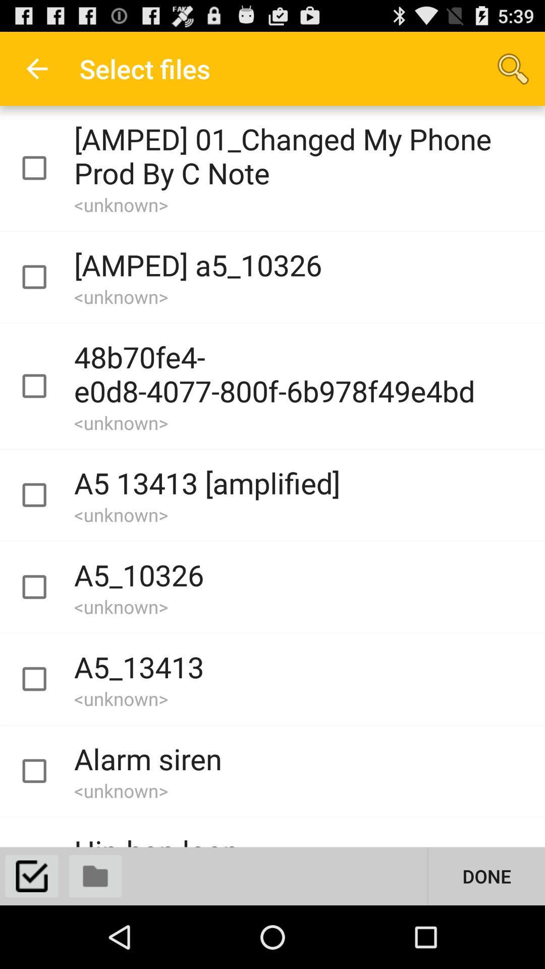  What do you see at coordinates (43, 679) in the screenshot?
I see `file` at bounding box center [43, 679].